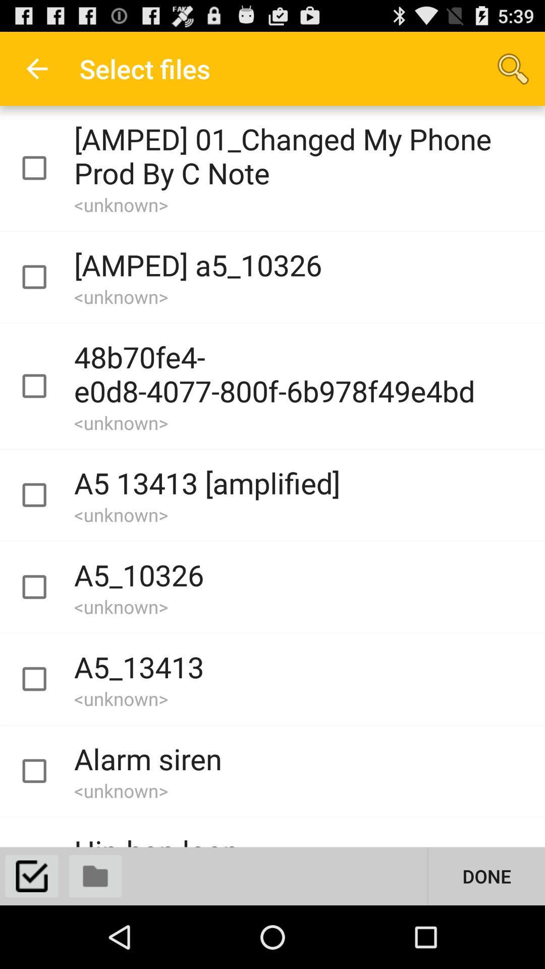  What do you see at coordinates (43, 679) in the screenshot?
I see `file` at bounding box center [43, 679].